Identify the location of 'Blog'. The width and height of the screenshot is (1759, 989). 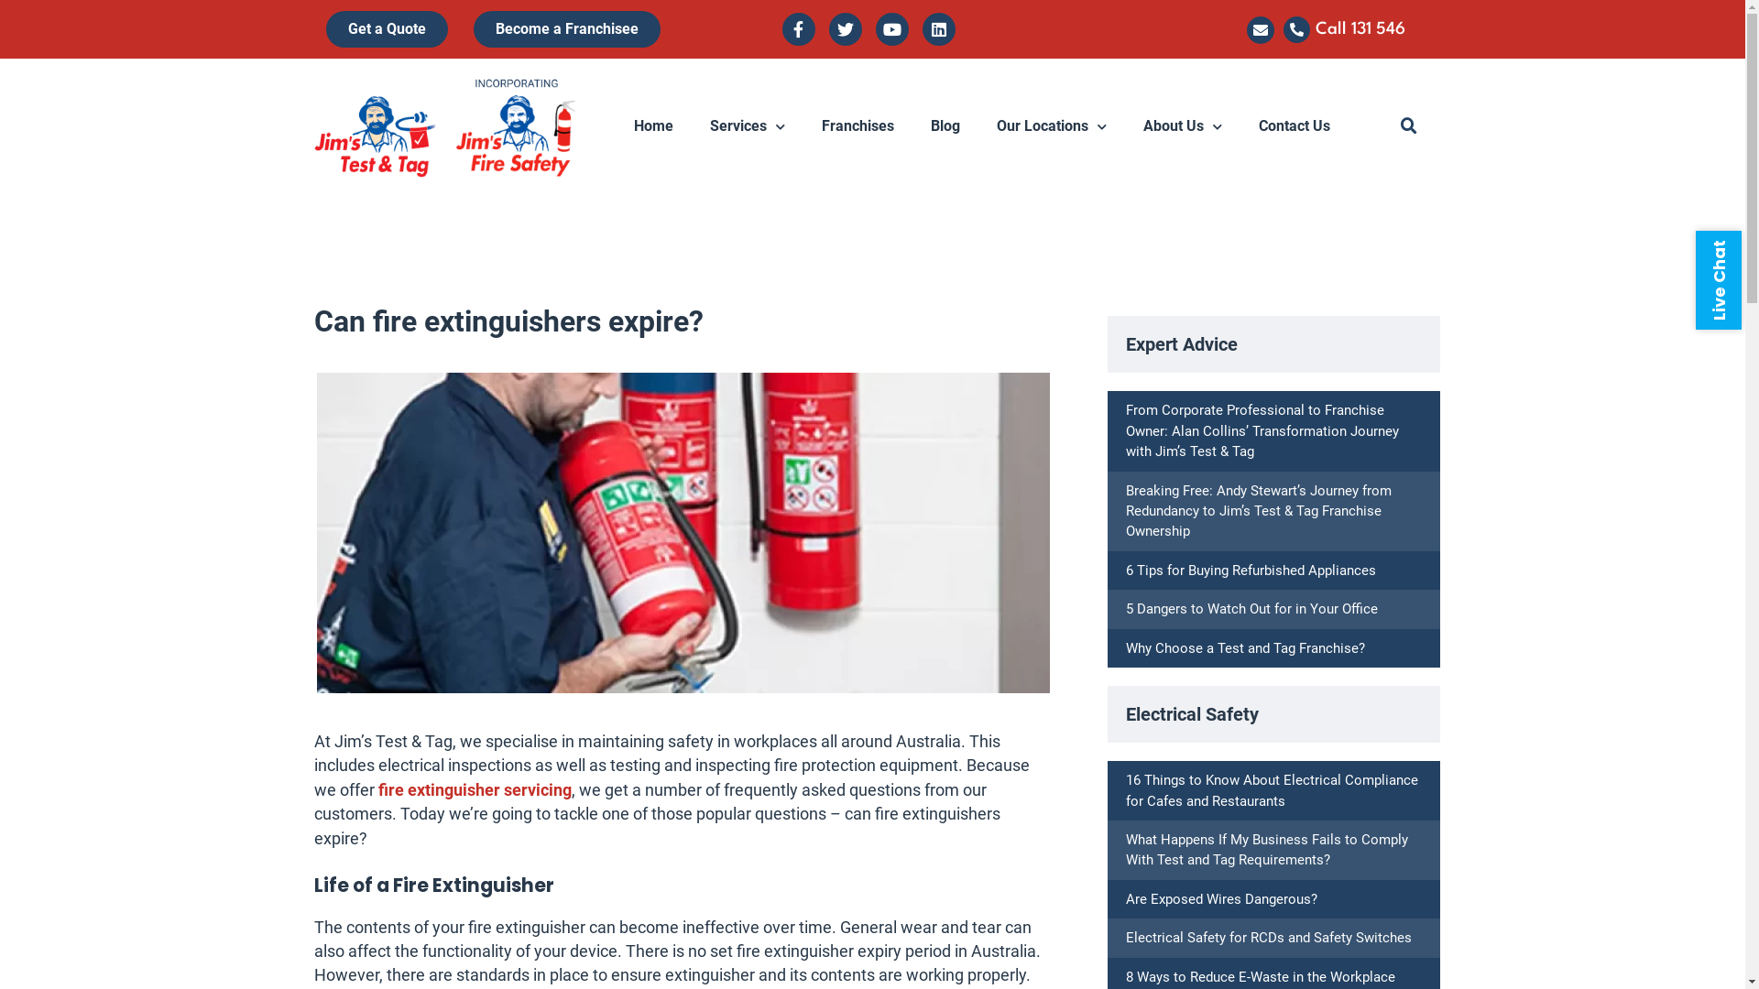
(945, 125).